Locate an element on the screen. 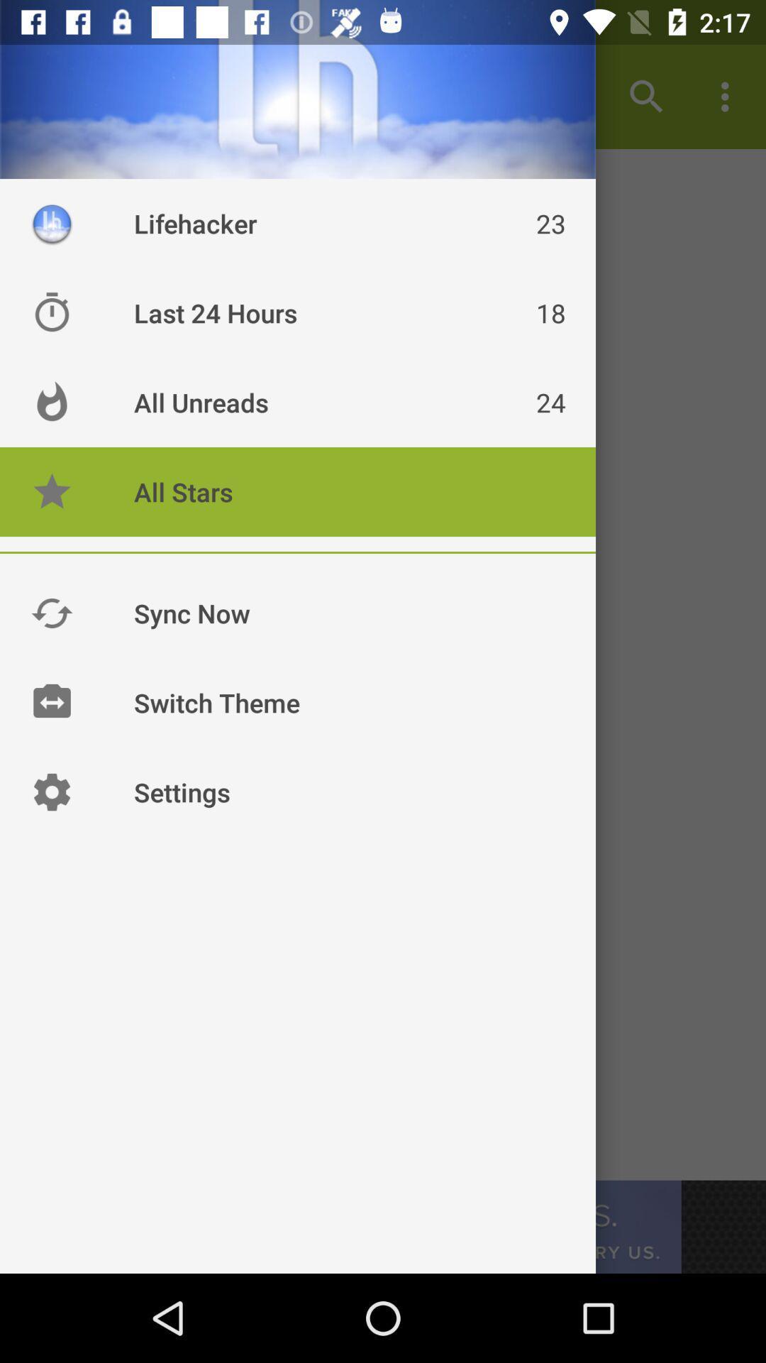 This screenshot has height=1363, width=766. settings icon is located at coordinates (51, 791).